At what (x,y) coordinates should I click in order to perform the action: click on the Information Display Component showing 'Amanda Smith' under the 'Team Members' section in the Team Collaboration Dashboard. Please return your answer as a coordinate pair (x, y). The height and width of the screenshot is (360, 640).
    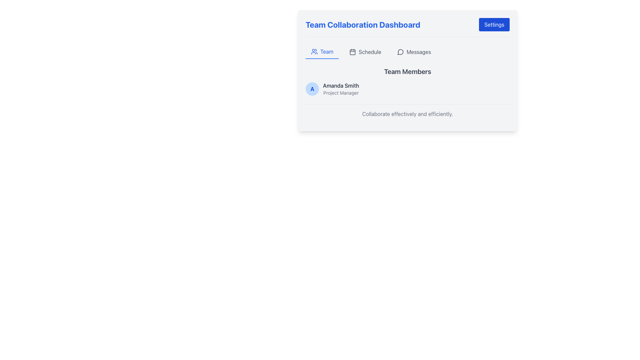
    Looking at the image, I should click on (407, 81).